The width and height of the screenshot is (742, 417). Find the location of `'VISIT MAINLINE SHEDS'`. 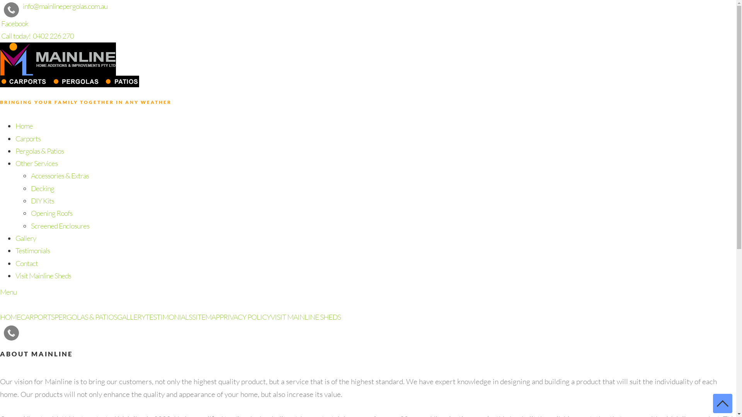

'VISIT MAINLINE SHEDS' is located at coordinates (305, 317).